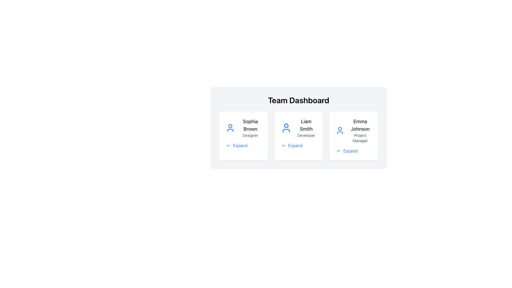  Describe the element at coordinates (306, 128) in the screenshot. I see `the static text displaying a team member's name and role (Developer) located in the second card under the 'Team Dashboard' heading` at that location.